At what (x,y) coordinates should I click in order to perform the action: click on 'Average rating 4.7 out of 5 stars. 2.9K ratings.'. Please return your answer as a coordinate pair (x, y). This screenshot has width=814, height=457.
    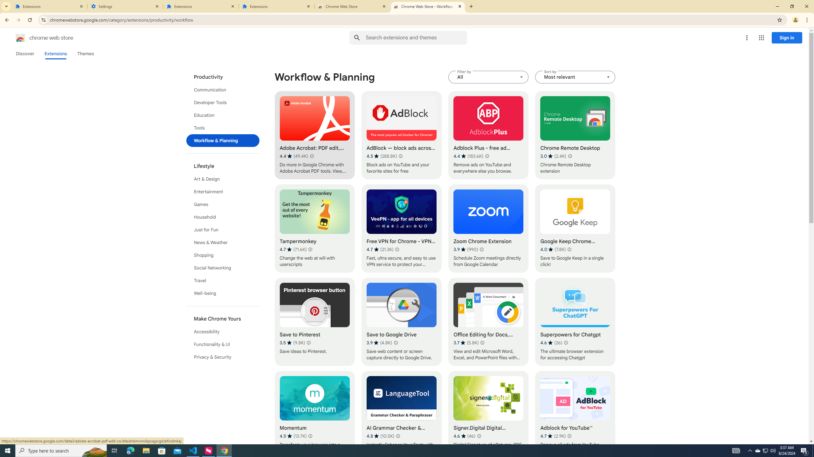
    Looking at the image, I should click on (553, 435).